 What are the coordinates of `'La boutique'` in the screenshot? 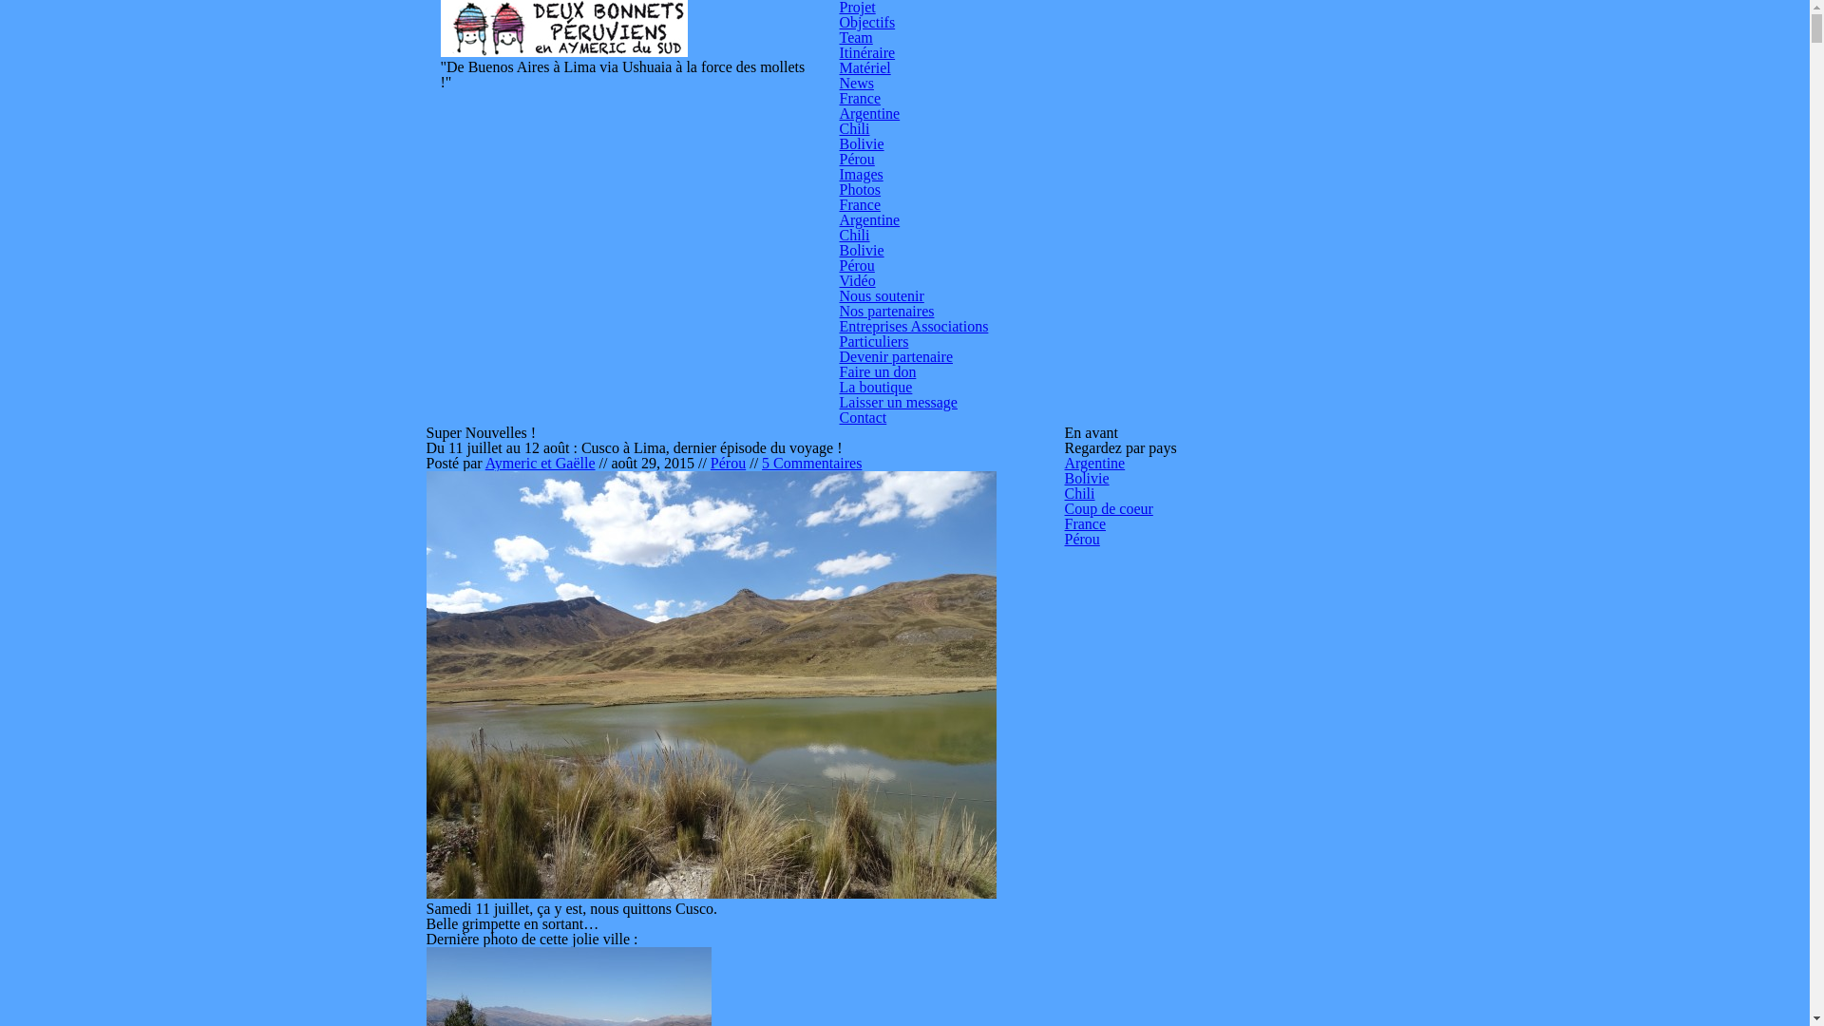 It's located at (838, 386).